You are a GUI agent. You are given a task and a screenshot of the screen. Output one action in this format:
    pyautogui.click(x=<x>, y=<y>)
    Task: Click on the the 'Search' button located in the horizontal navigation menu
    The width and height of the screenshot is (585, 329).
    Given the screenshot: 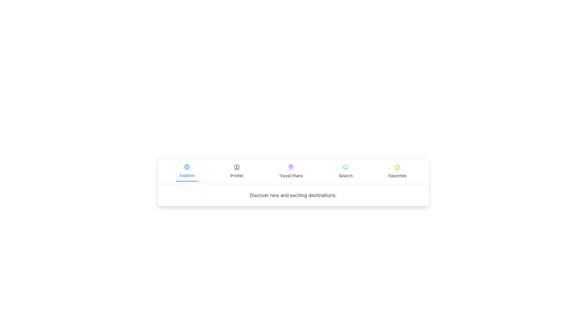 What is the action you would take?
    pyautogui.click(x=346, y=172)
    